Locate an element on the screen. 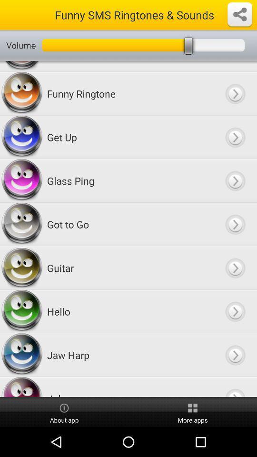 The width and height of the screenshot is (257, 457). share is located at coordinates (239, 14).